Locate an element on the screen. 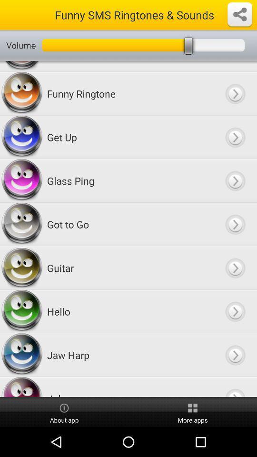 The width and height of the screenshot is (257, 457). share is located at coordinates (239, 14).